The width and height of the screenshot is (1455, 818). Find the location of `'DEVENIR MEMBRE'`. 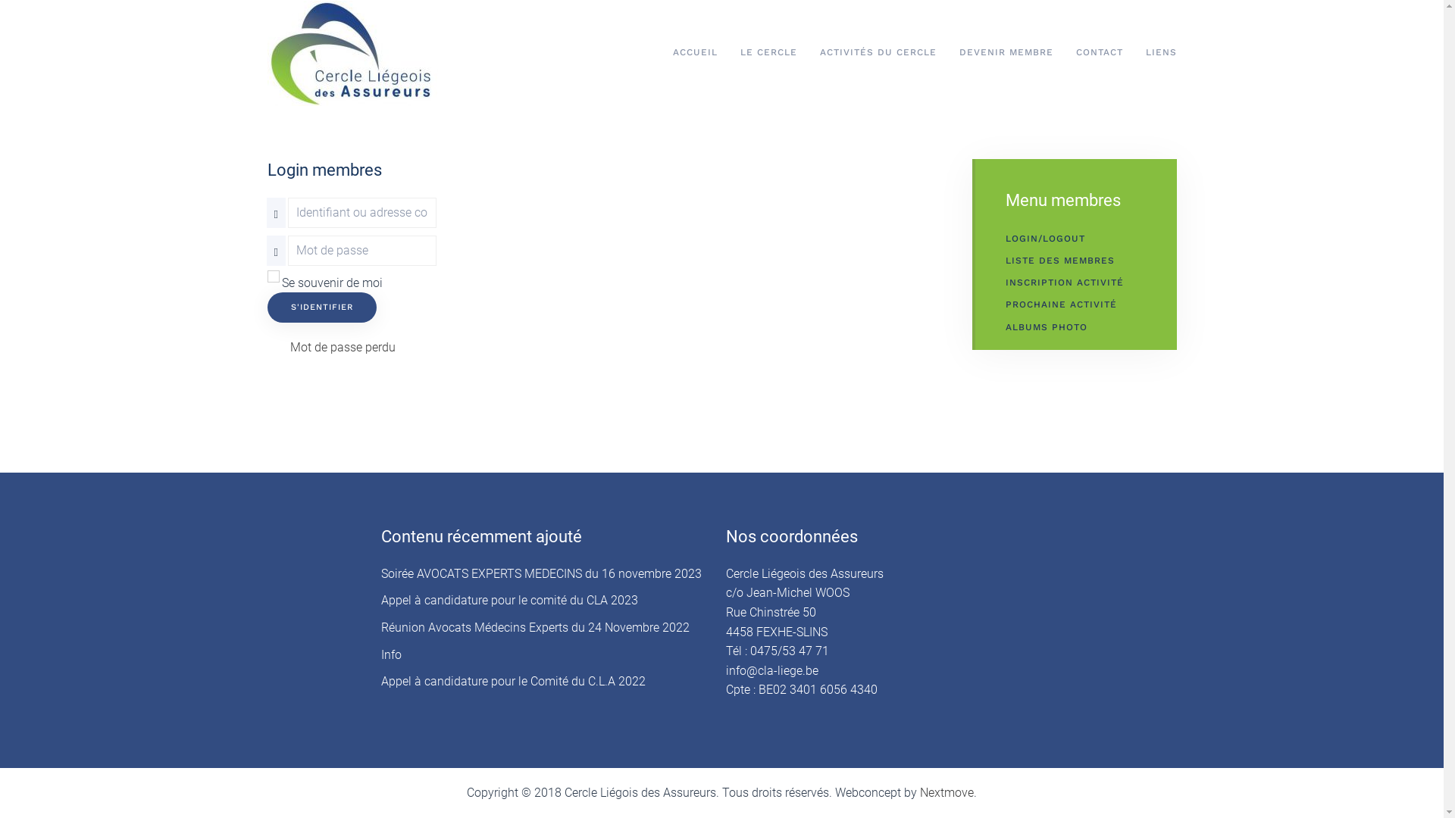

'DEVENIR MEMBRE' is located at coordinates (1005, 52).